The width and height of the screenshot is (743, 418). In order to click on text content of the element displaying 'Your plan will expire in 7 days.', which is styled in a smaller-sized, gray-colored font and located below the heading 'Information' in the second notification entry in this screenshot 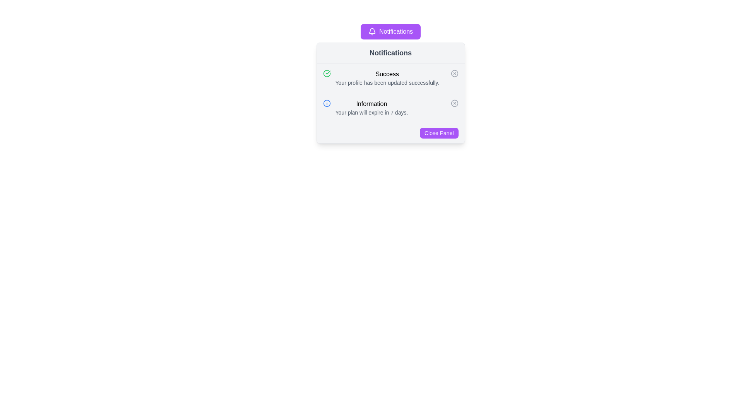, I will do `click(371, 112)`.